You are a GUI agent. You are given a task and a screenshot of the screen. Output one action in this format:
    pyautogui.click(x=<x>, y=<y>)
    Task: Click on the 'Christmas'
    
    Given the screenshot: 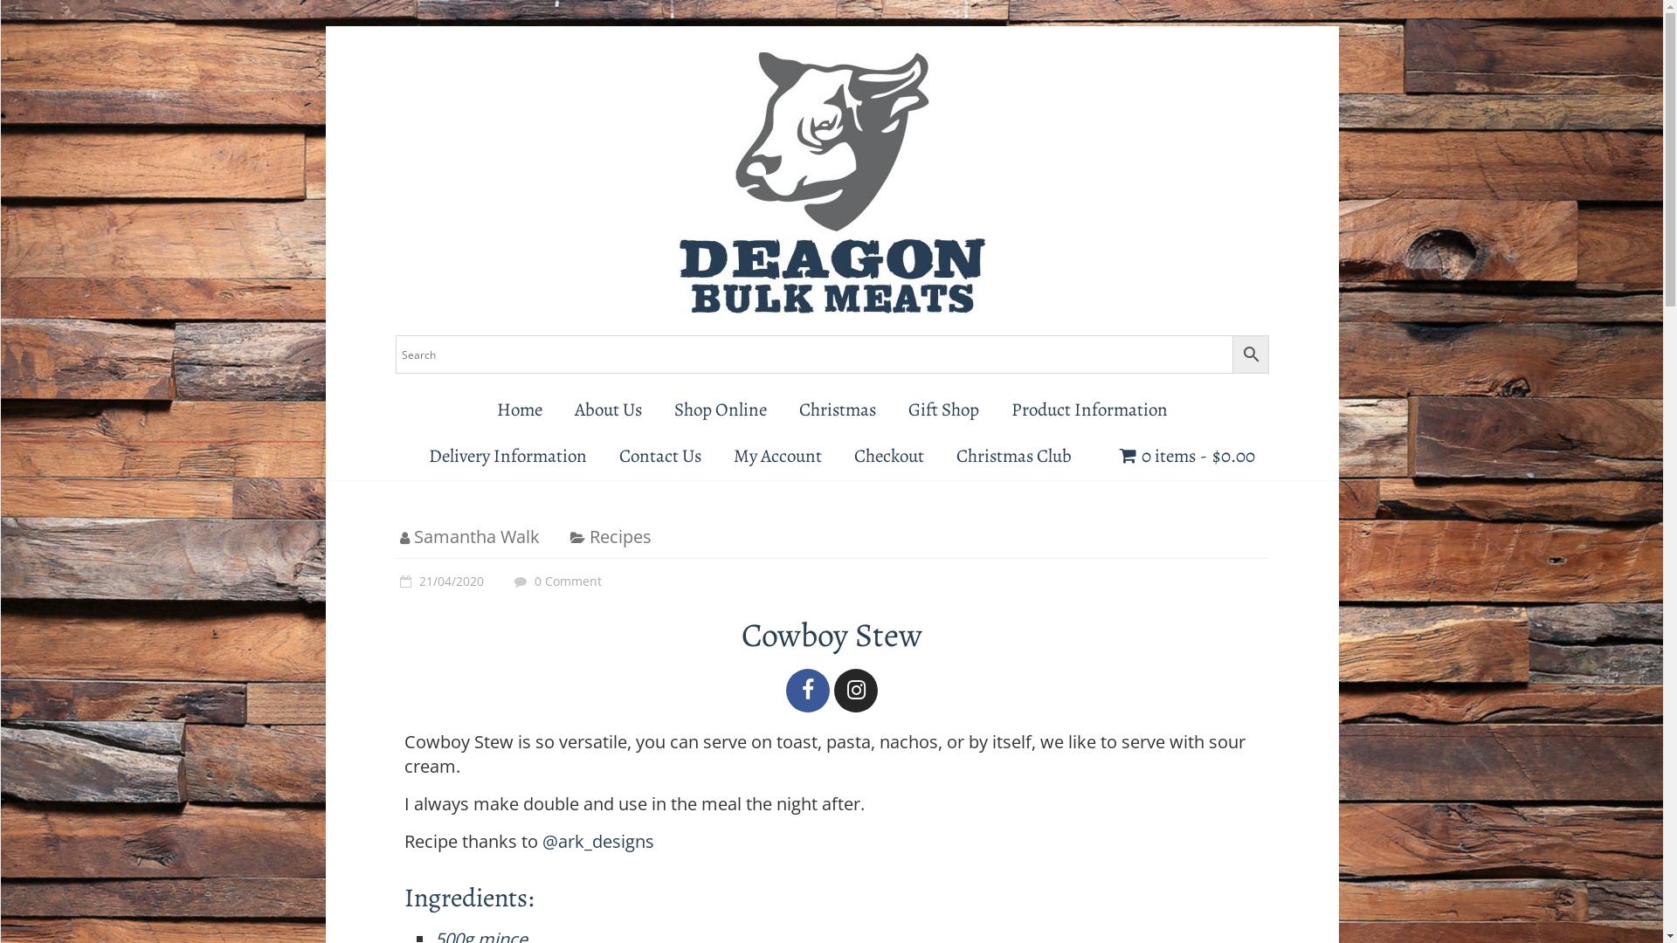 What is the action you would take?
    pyautogui.click(x=836, y=410)
    